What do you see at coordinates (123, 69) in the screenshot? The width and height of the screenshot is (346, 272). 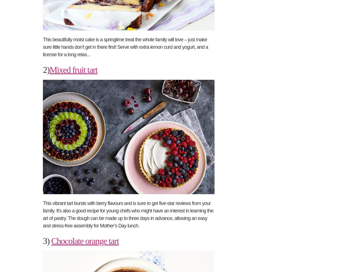 I see `'Dietary needs'` at bounding box center [123, 69].